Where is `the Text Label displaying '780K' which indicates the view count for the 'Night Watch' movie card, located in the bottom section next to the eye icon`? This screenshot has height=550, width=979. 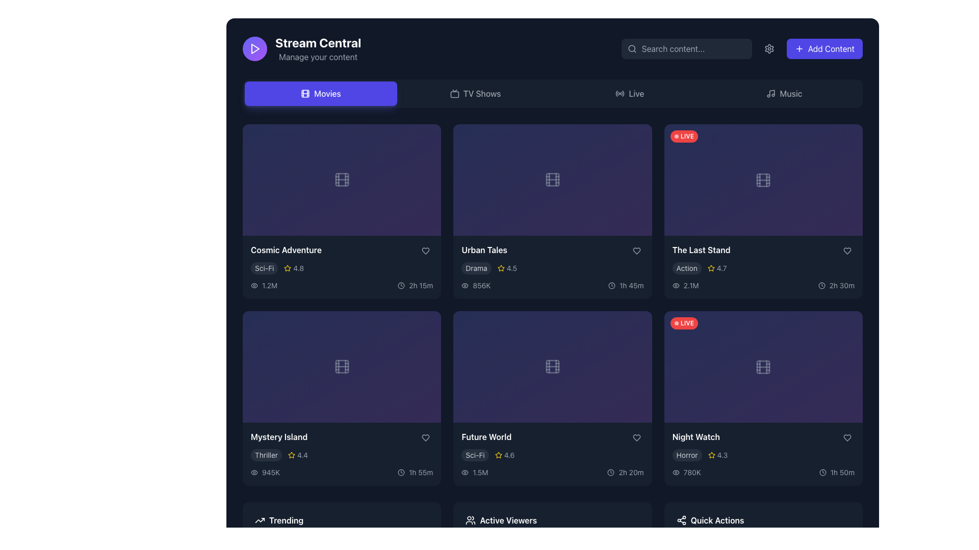
the Text Label displaying '780K' which indicates the view count for the 'Night Watch' movie card, located in the bottom section next to the eye icon is located at coordinates (692, 473).